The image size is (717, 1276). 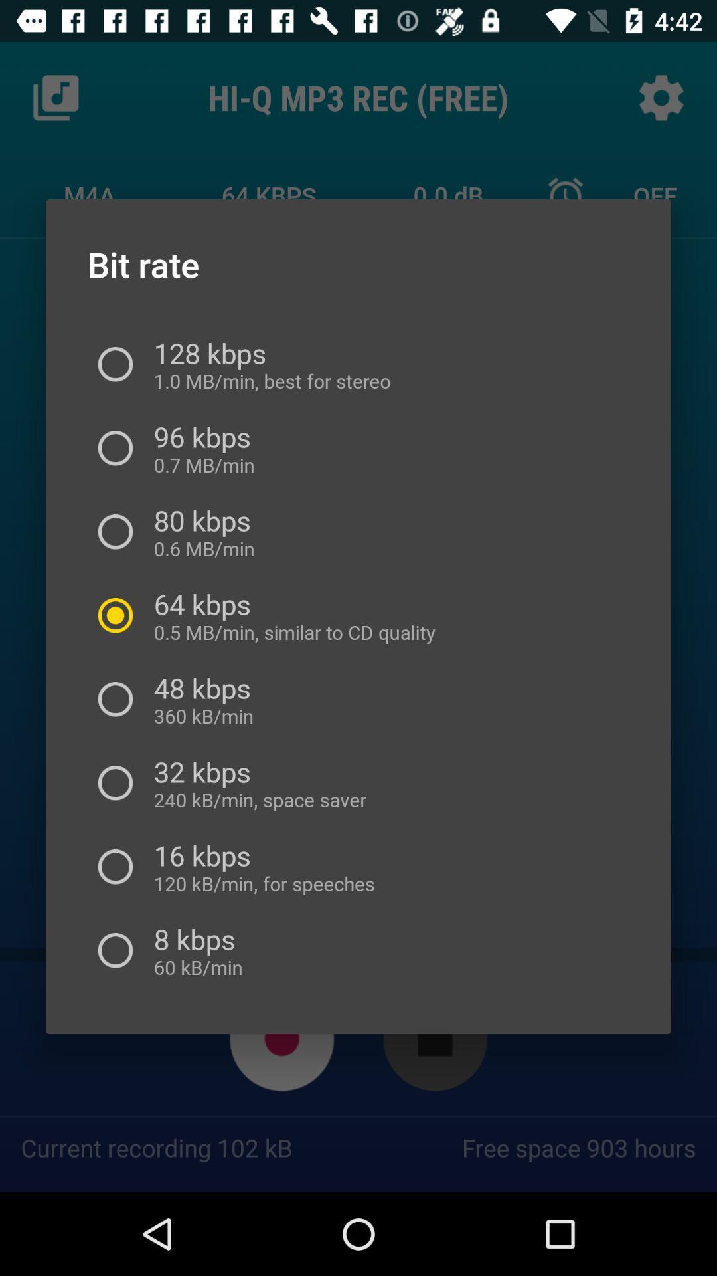 What do you see at coordinates (255, 783) in the screenshot?
I see `32 kbps 240 icon` at bounding box center [255, 783].